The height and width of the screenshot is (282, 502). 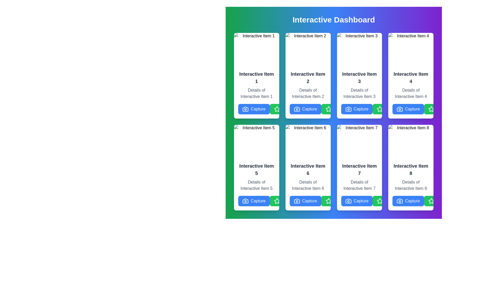 I want to click on the 'Capture' button, which has a blue background, rounded corners, and features a white camera icon and white text, so click(x=308, y=201).